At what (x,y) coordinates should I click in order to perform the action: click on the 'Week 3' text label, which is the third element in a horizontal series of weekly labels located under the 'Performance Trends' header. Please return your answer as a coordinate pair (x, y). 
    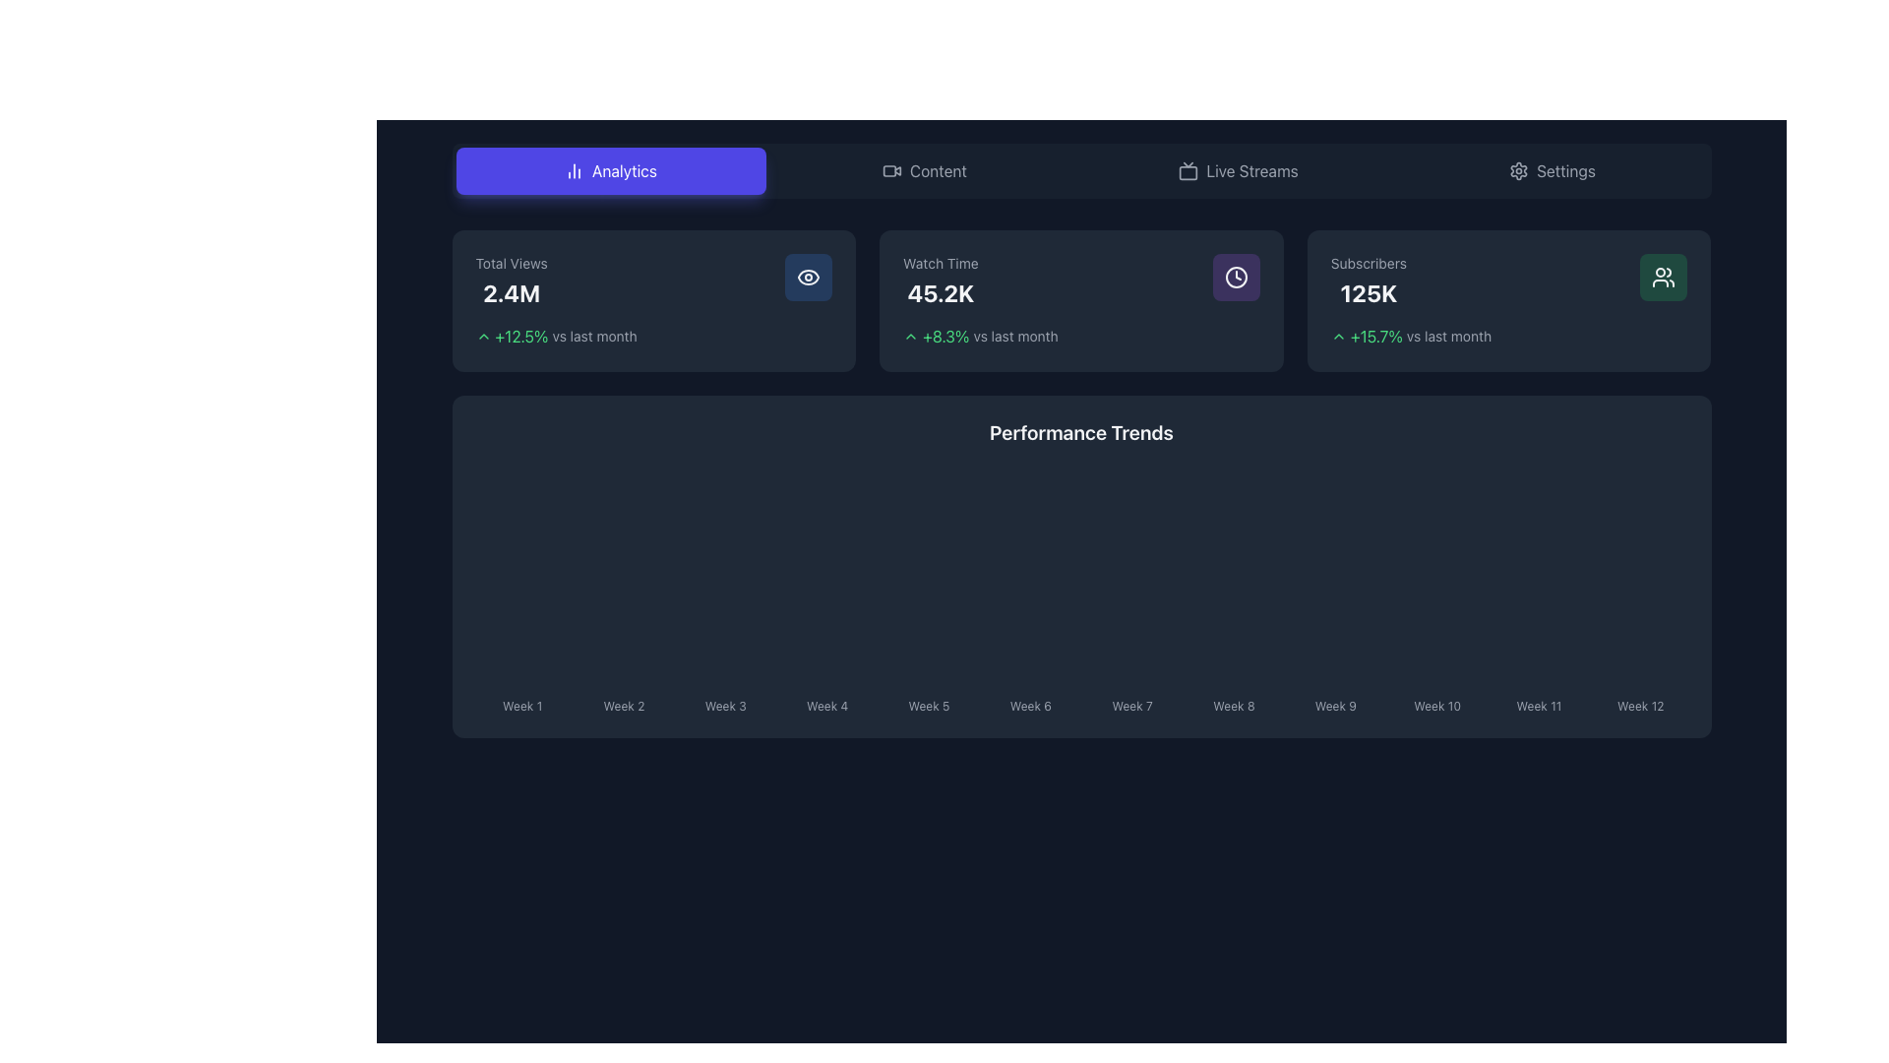
    Looking at the image, I should click on (724, 705).